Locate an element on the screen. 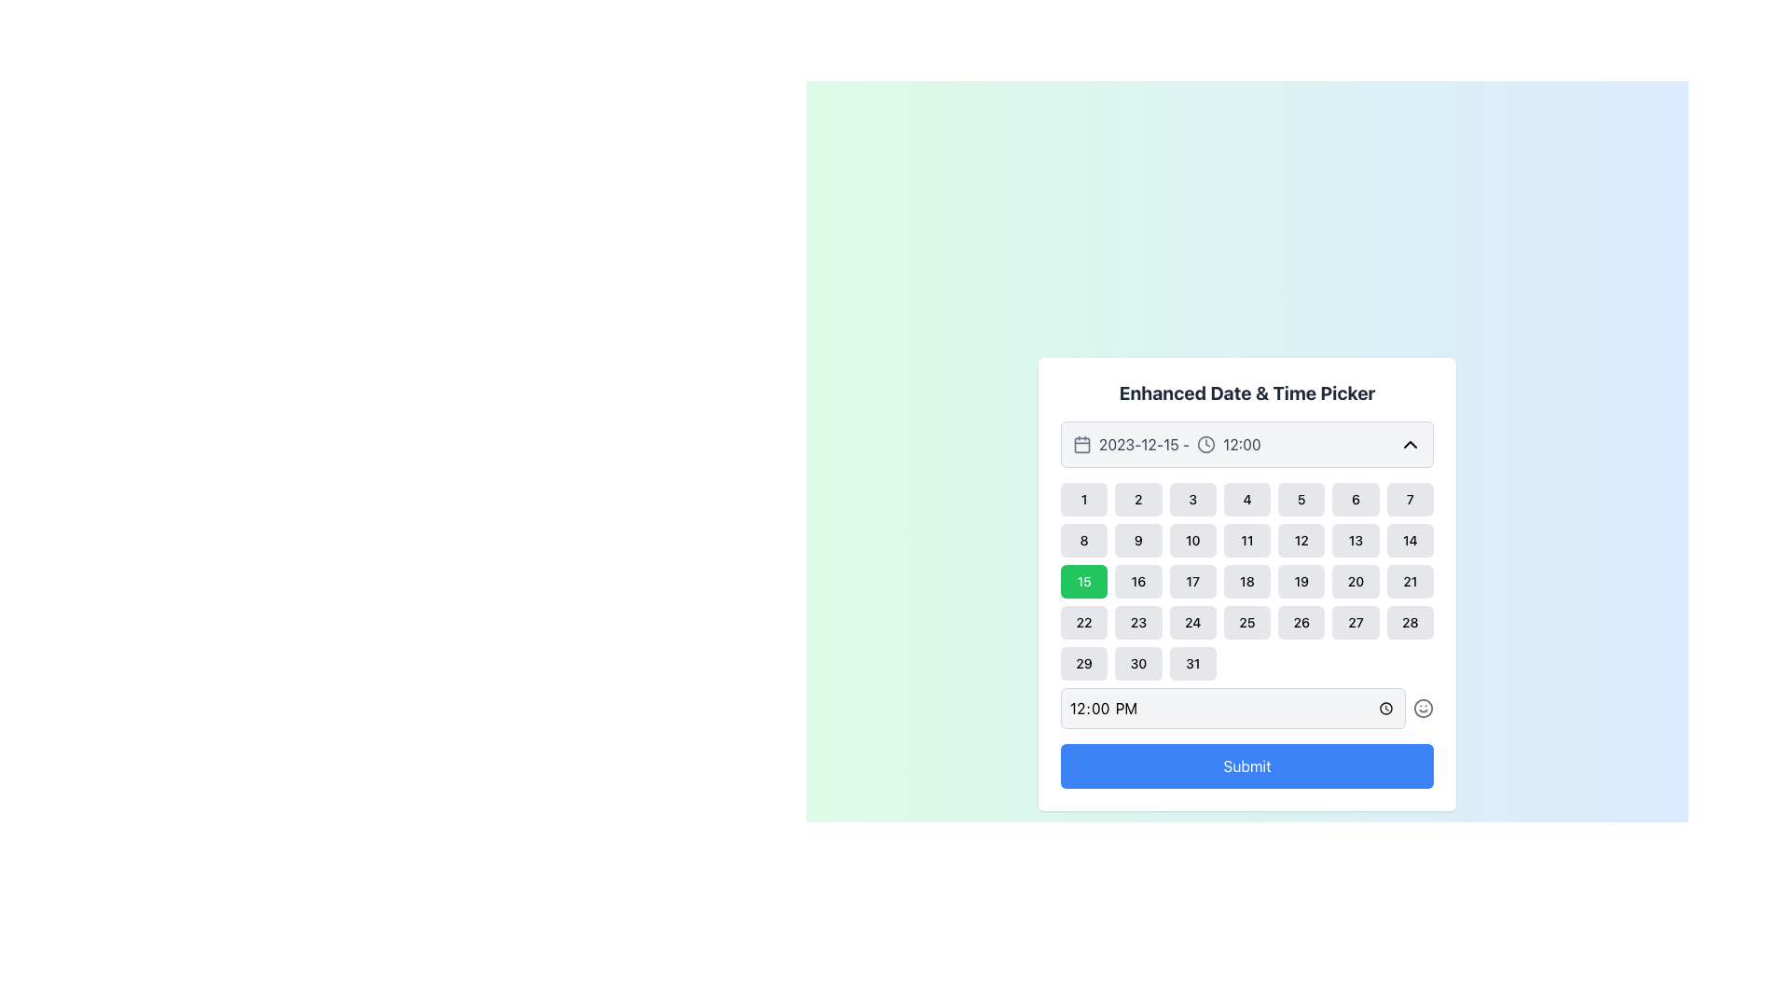 This screenshot has width=1790, height=1007. the button labeled '27' which has a light gray background and is located in the fourth row, sixth column of the date picker interface is located at coordinates (1356, 622).